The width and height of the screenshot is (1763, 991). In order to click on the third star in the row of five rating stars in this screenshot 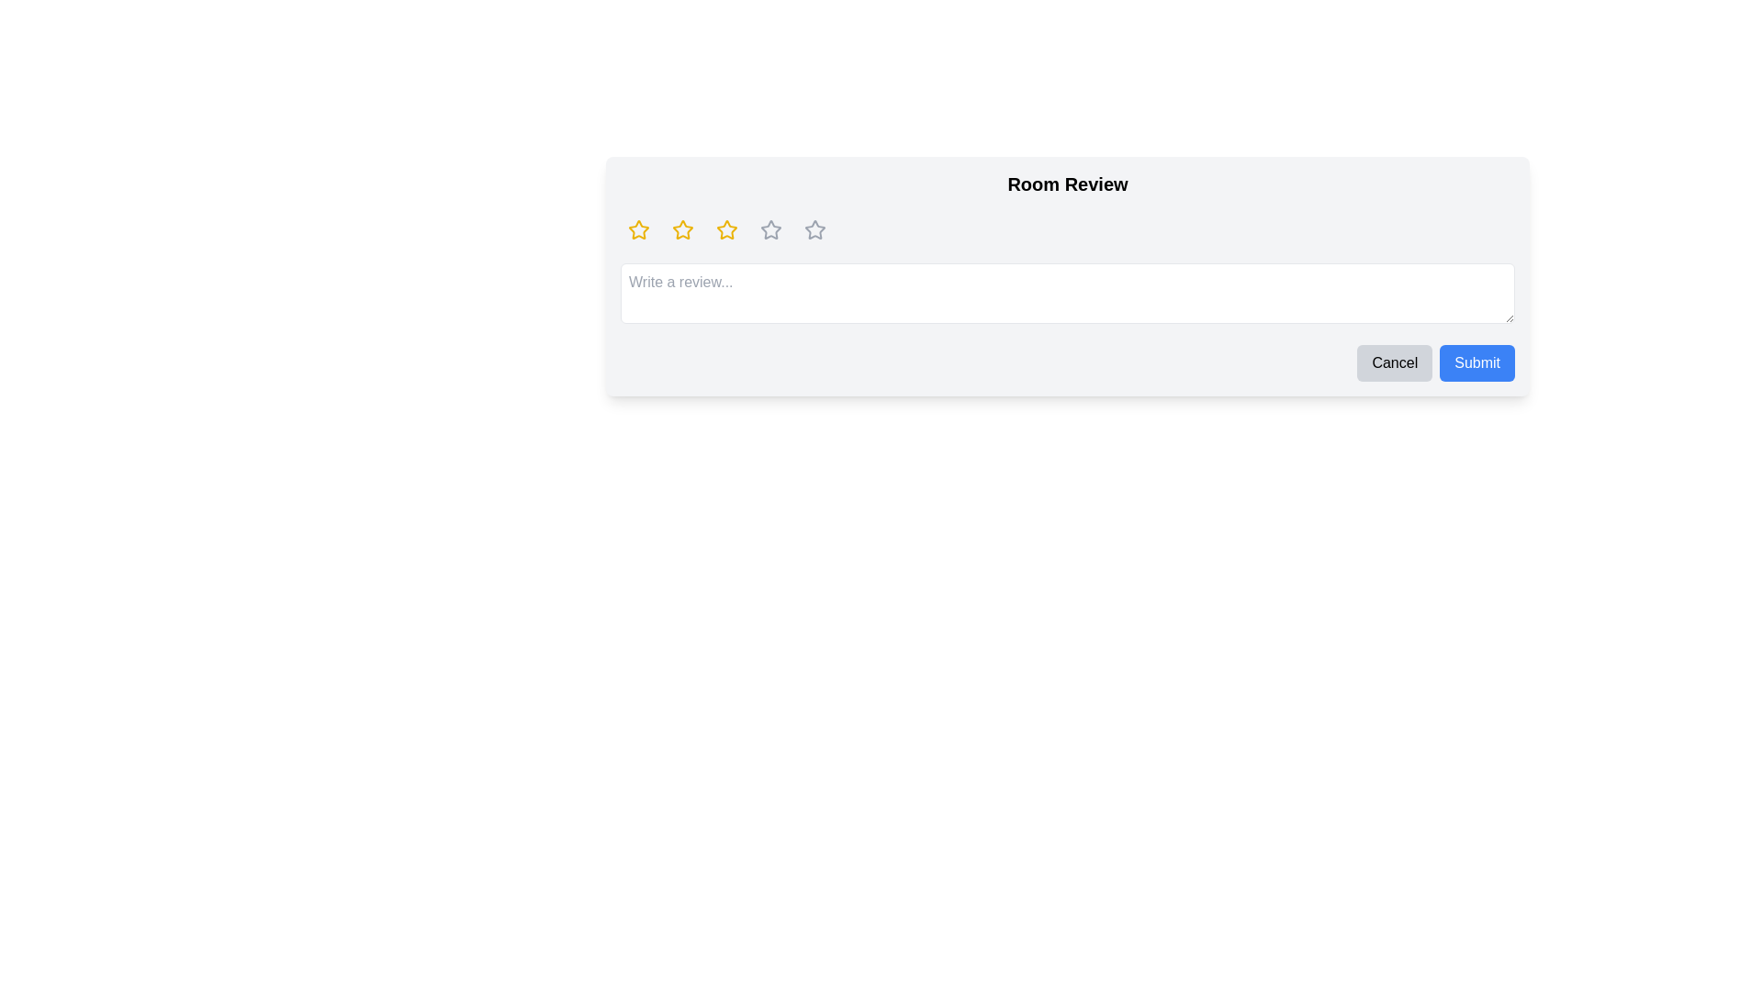, I will do `click(726, 228)`.